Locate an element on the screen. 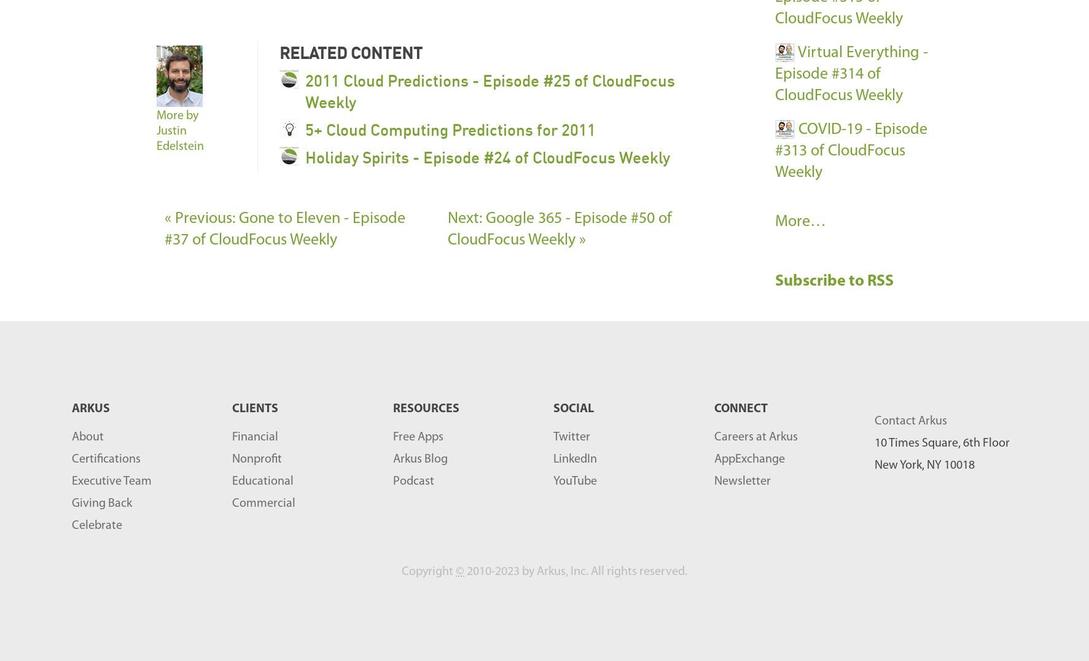 The height and width of the screenshot is (661, 1089). 'COVID-19 - Episode #313 of CloudFocus Weekly' is located at coordinates (850, 151).